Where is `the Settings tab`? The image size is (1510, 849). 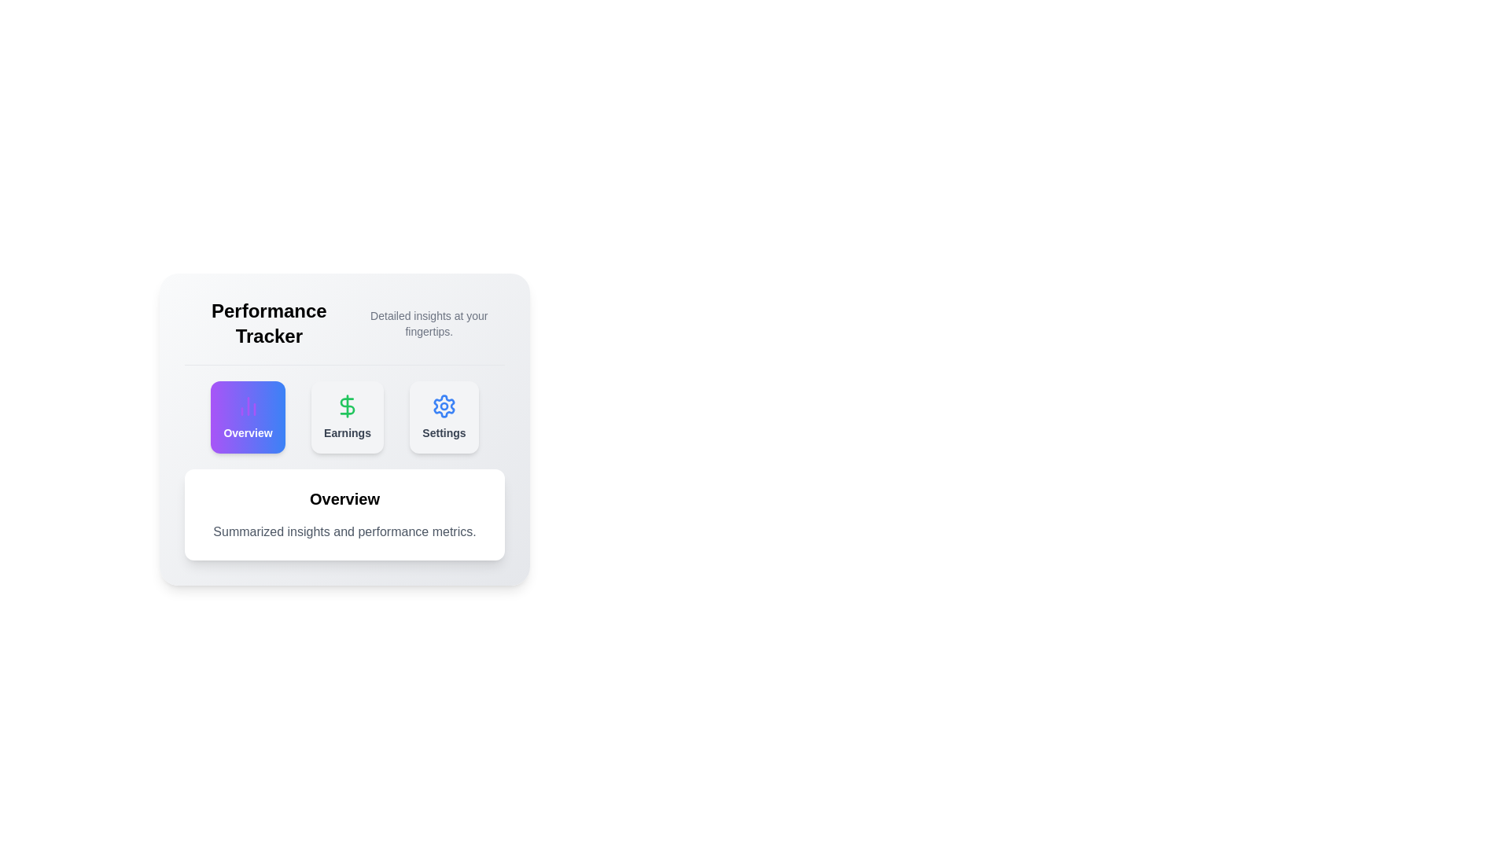 the Settings tab is located at coordinates (444, 417).